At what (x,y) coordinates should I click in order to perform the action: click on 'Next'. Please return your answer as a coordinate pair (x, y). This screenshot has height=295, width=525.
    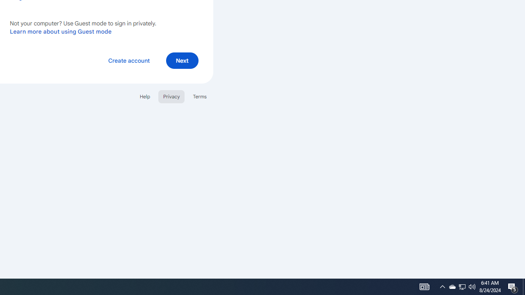
    Looking at the image, I should click on (182, 60).